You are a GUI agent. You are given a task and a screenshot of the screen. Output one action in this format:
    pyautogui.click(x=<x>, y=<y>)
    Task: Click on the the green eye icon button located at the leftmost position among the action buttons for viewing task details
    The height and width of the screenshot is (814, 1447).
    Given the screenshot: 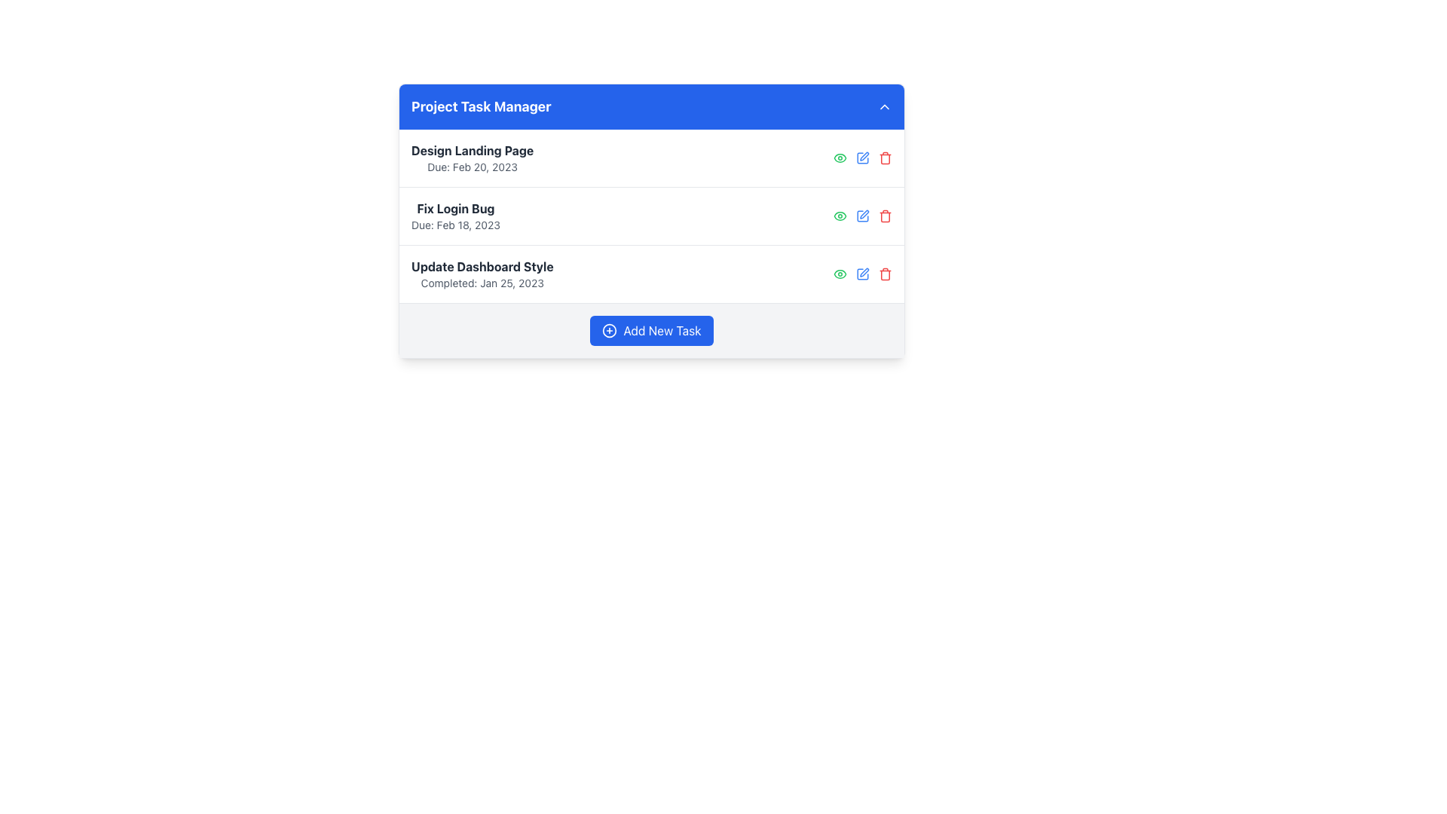 What is the action you would take?
    pyautogui.click(x=839, y=274)
    